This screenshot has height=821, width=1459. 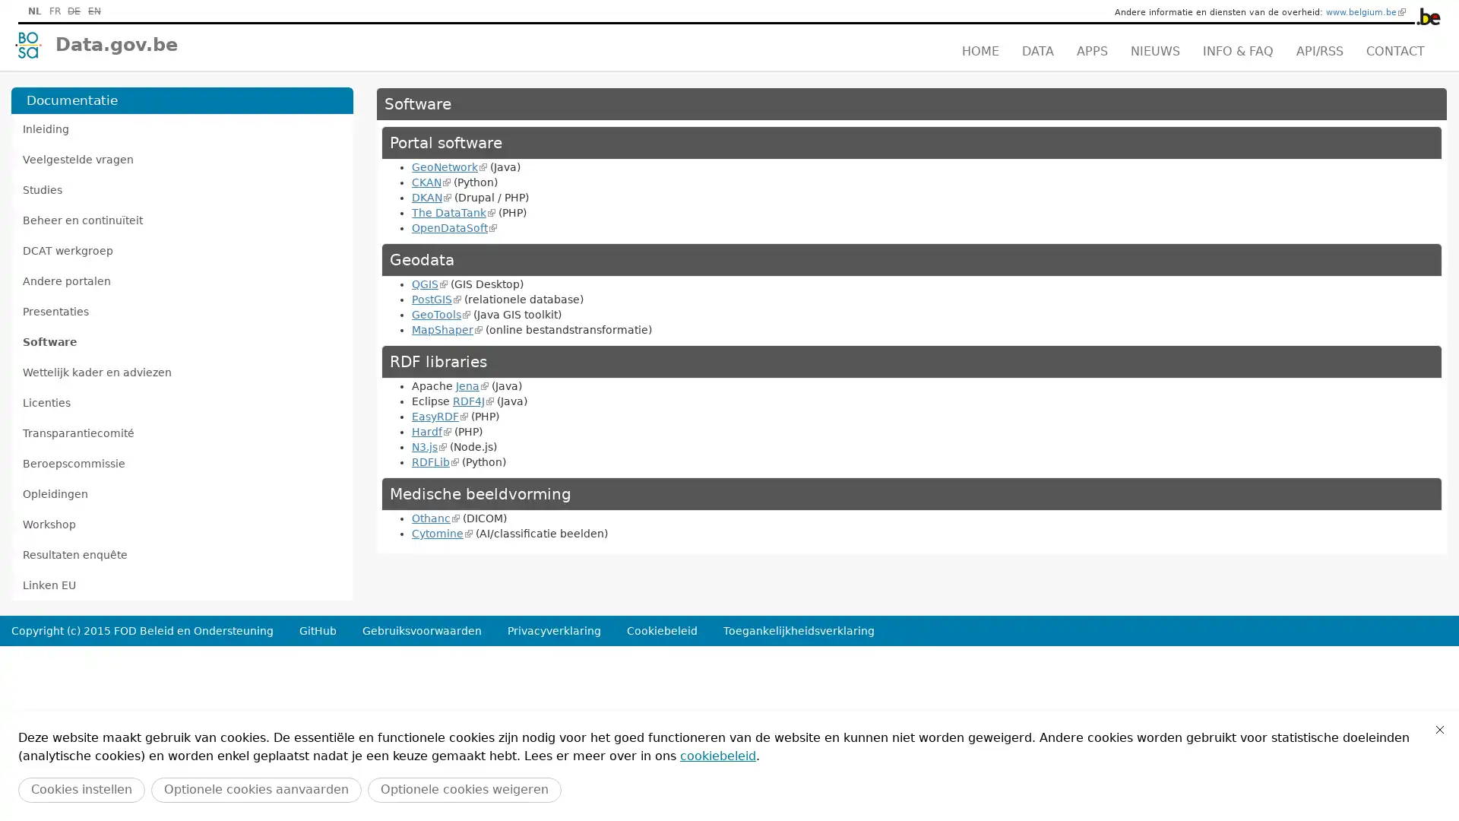 I want to click on Optionele cookies aanvaarden, so click(x=256, y=789).